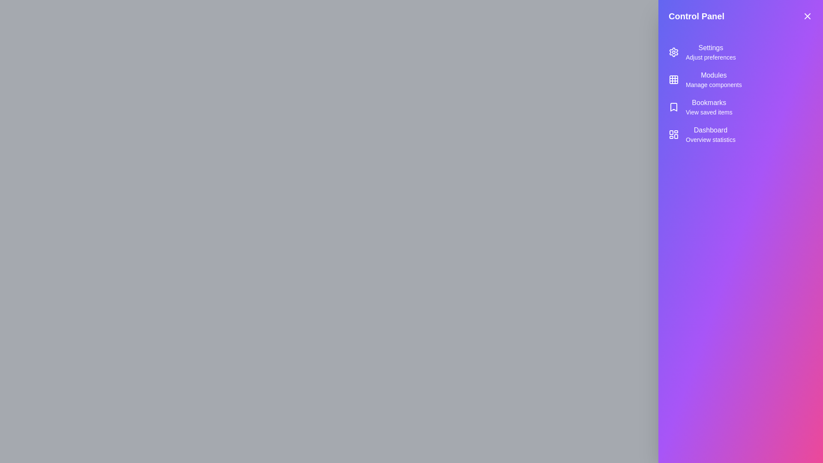 This screenshot has height=463, width=823. What do you see at coordinates (709, 107) in the screenshot?
I see `the 'Bookmarks' navigation label in the right sidebar menu, which is located in the third row of the navigation list and is positioned to the right of a bookmark icon` at bounding box center [709, 107].